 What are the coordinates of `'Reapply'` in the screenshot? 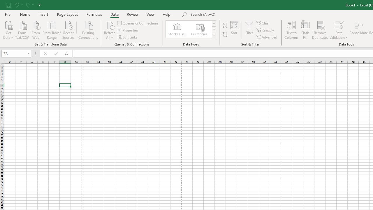 It's located at (265, 30).